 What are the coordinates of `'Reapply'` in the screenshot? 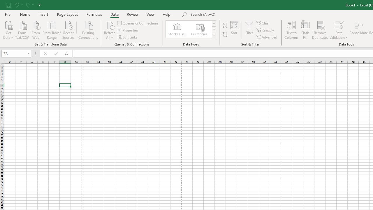 It's located at (265, 30).